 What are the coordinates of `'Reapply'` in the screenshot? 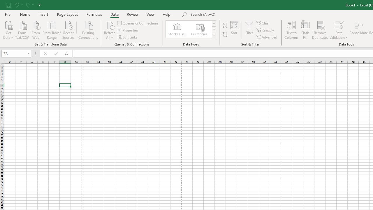 It's located at (265, 30).